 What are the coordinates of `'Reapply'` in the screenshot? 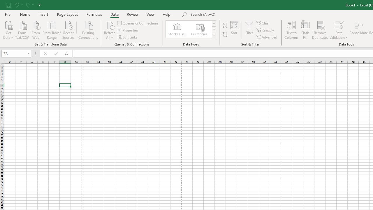 It's located at (265, 30).